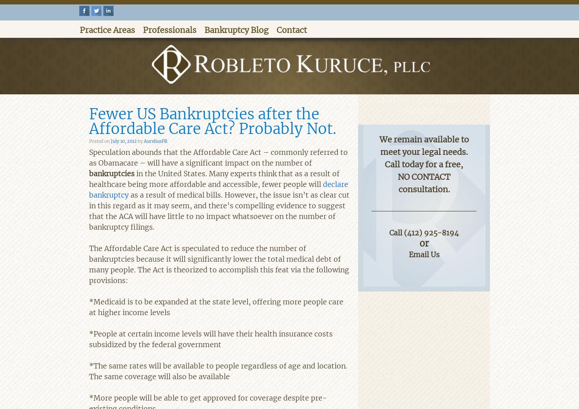 This screenshot has height=409, width=579. I want to click on 'Contactless Consultations are Available', so click(424, 104).